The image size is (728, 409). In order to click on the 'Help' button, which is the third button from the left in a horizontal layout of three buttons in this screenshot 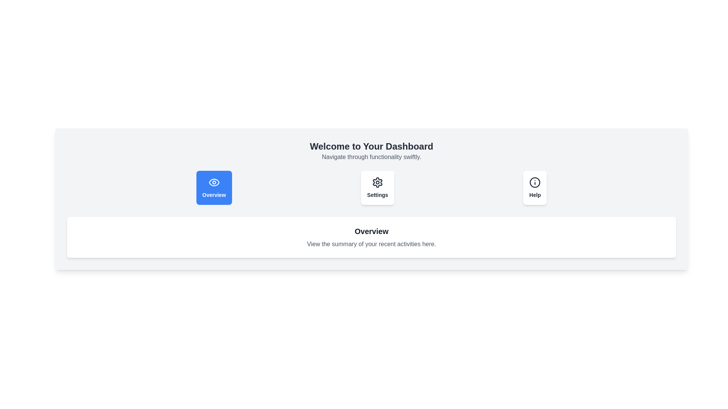, I will do `click(535, 187)`.